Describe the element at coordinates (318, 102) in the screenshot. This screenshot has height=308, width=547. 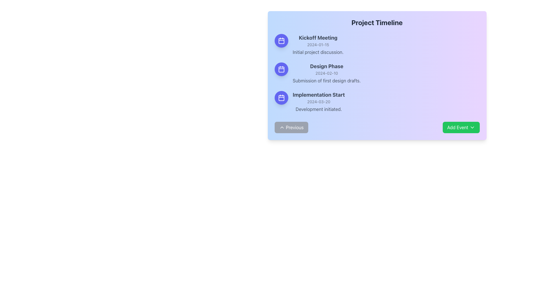
I see `the 'Implementation Start' informational block in the timeline, which provides details about the scheduled date and short description of the event` at that location.